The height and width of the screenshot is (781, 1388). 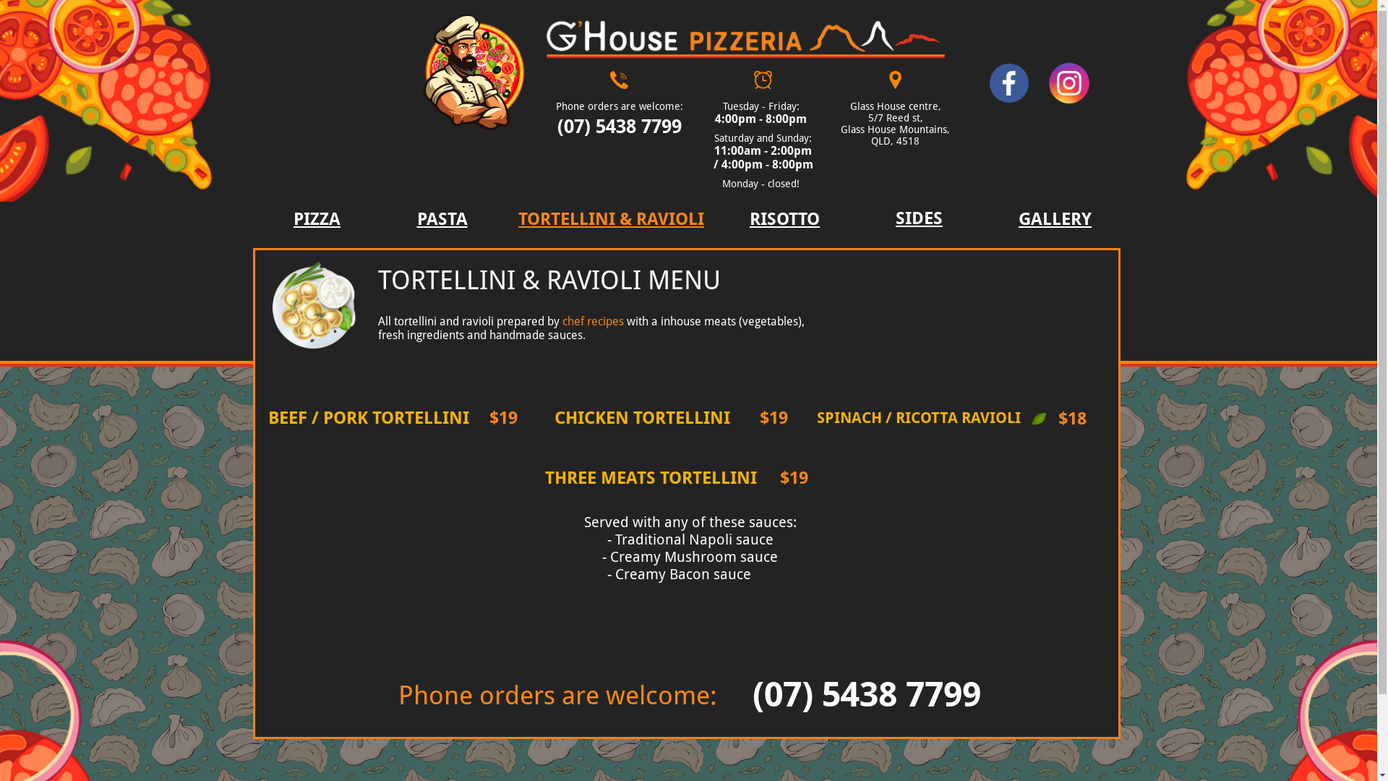 What do you see at coordinates (610, 220) in the screenshot?
I see `'TORTELLINI & RAVIOLI'` at bounding box center [610, 220].